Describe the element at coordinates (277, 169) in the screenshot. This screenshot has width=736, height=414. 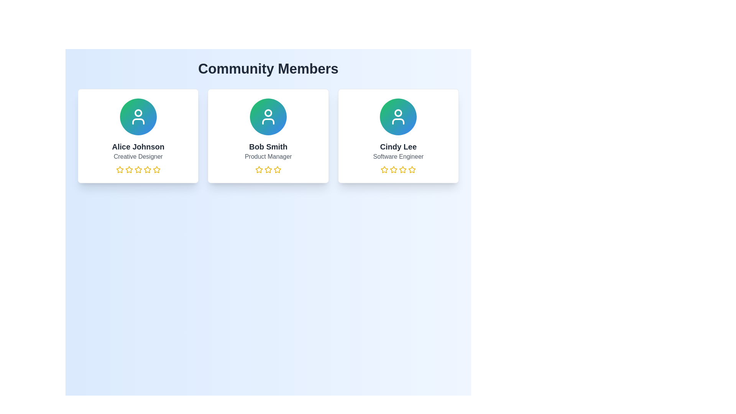
I see `the fourth star icon` at that location.